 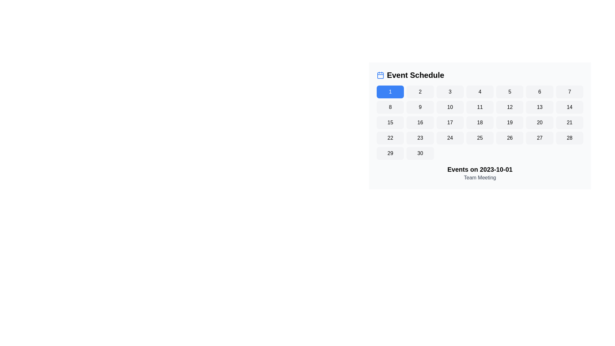 I want to click on the selectable day '24' button in the calendar view, so click(x=450, y=138).